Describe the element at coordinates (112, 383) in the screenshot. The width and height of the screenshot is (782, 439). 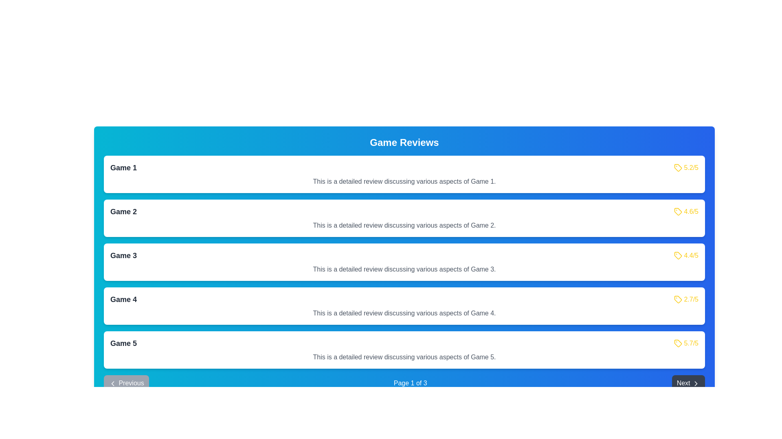
I see `the 'Previous' navigation icon located at the bottom-left of the interface` at that location.